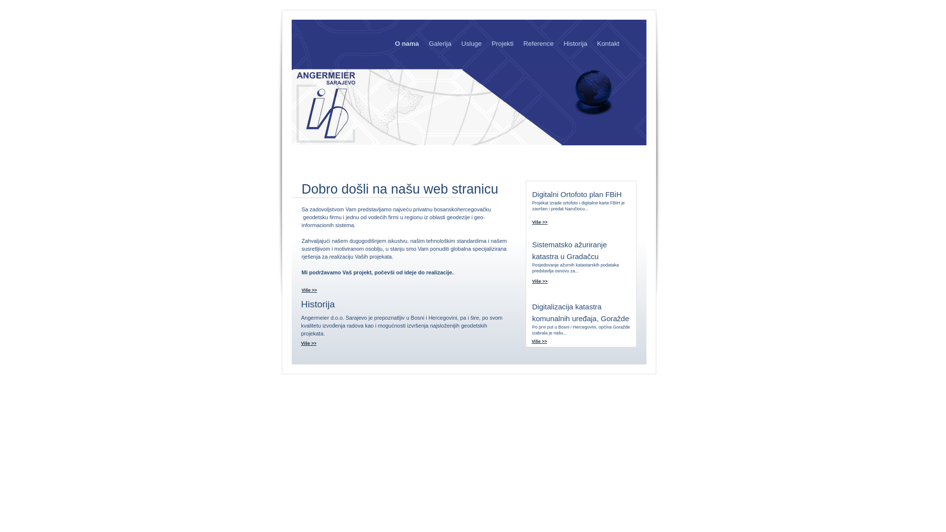 This screenshot has width=946, height=532. What do you see at coordinates (538, 43) in the screenshot?
I see `'Reference'` at bounding box center [538, 43].